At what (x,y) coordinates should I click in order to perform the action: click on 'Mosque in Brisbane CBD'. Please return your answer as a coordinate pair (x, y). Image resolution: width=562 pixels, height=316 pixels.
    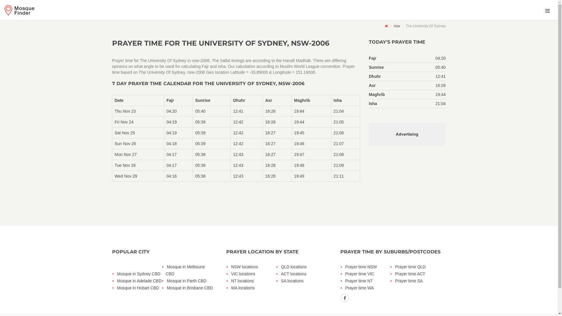
    Looking at the image, I should click on (165, 287).